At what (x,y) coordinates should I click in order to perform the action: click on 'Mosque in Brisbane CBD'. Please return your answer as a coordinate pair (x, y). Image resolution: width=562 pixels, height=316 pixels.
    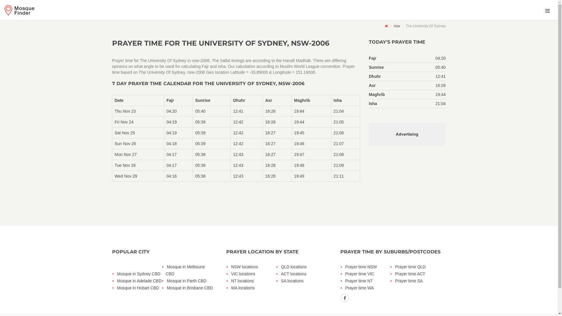
    Looking at the image, I should click on (165, 287).